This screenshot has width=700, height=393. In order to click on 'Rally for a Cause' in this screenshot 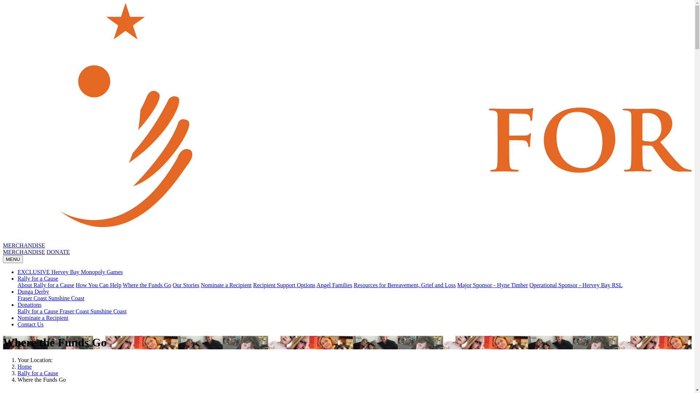, I will do `click(17, 278)`.